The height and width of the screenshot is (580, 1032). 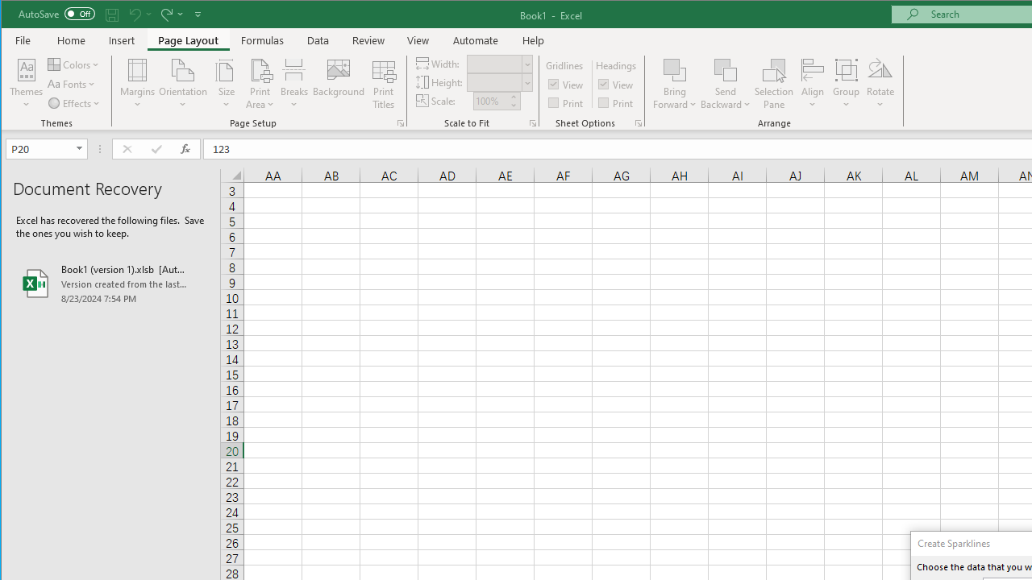 I want to click on 'Height', so click(x=493, y=82).